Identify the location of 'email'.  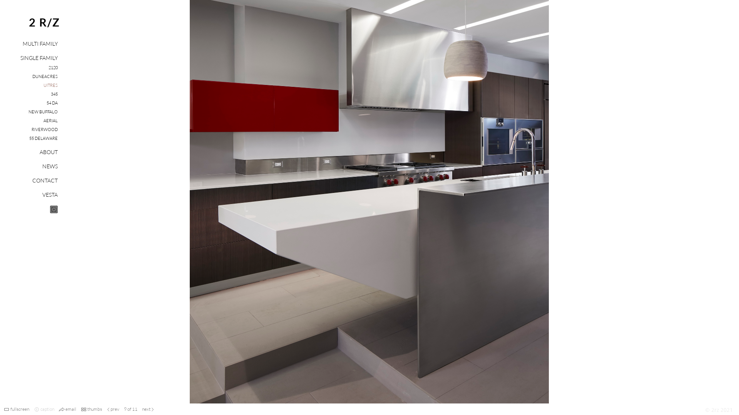
(70, 408).